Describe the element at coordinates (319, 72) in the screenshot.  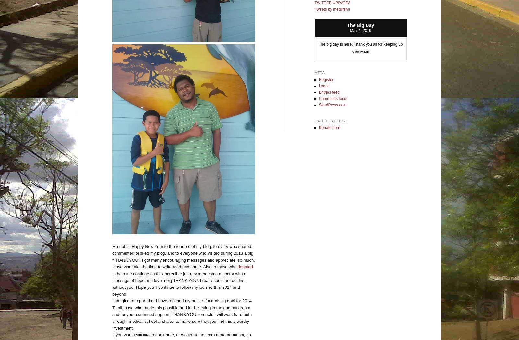
I see `'Meta'` at that location.